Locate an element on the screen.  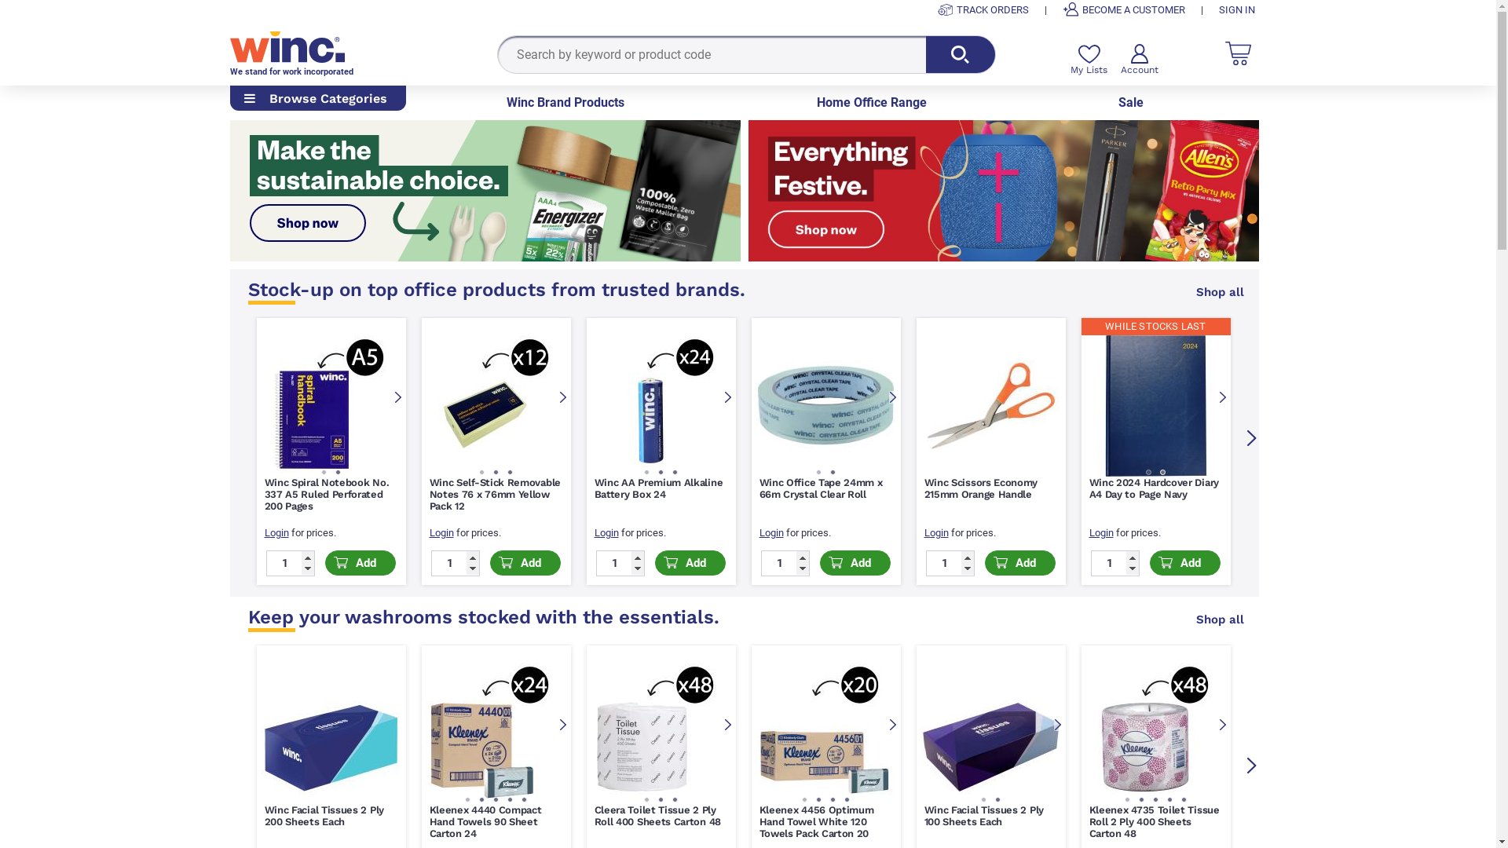
'TRACK ORDERS' is located at coordinates (983, 9).